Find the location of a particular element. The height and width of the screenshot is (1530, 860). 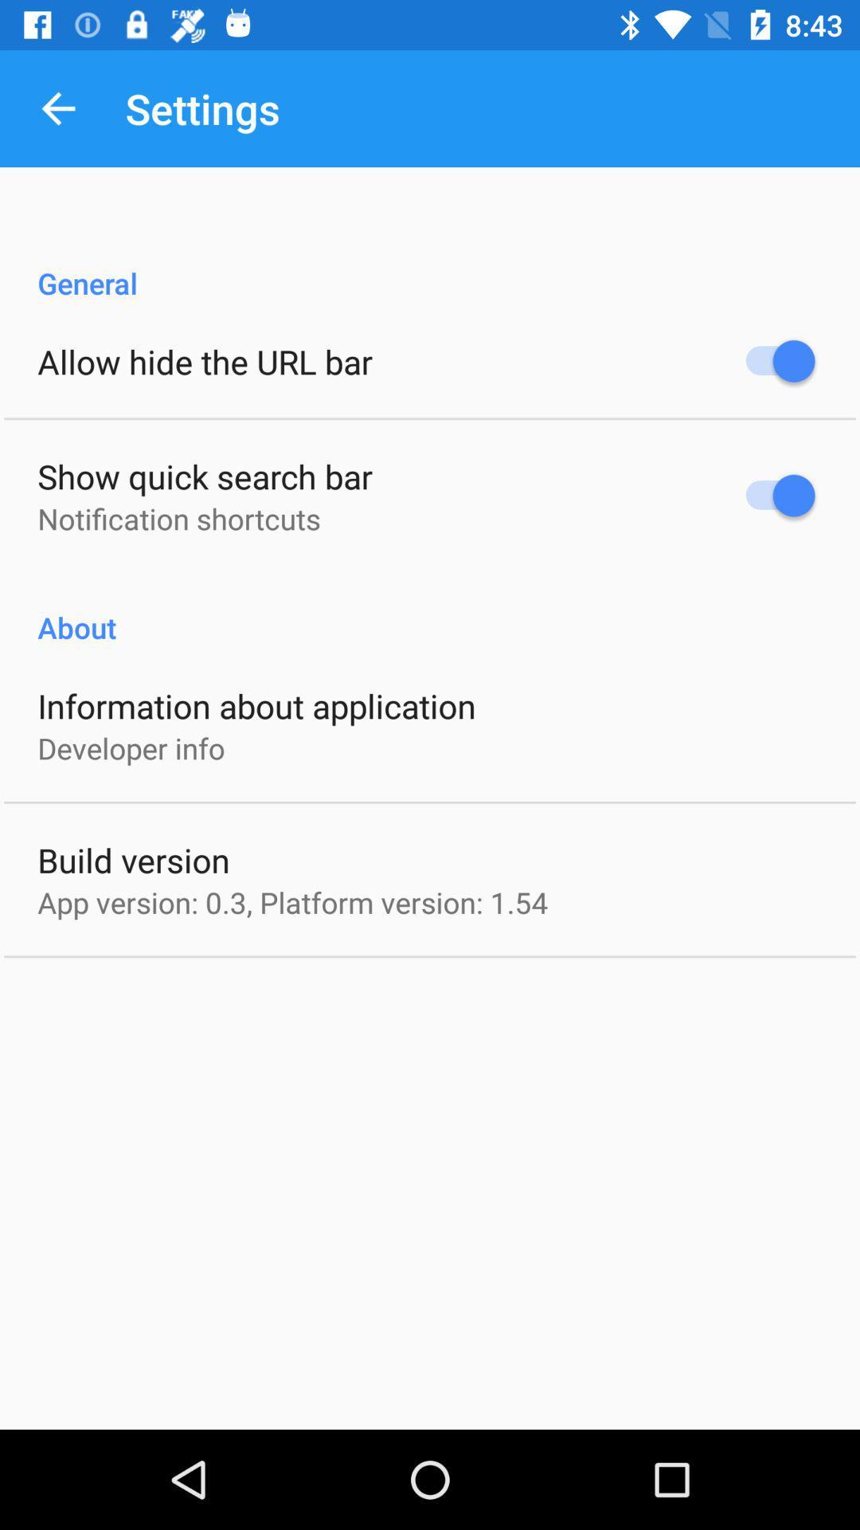

the icon below about item is located at coordinates (256, 704).